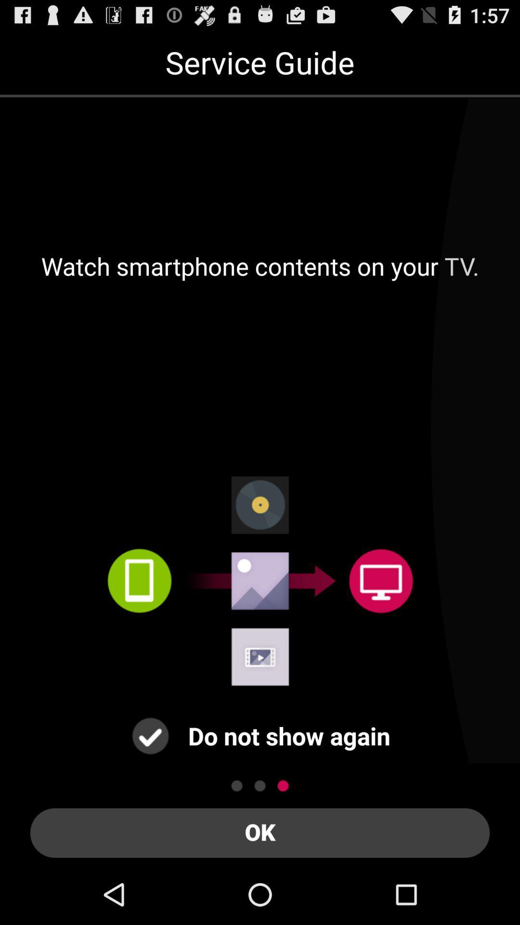 The image size is (520, 925). What do you see at coordinates (150, 735) in the screenshot?
I see `donotshowagain` at bounding box center [150, 735].